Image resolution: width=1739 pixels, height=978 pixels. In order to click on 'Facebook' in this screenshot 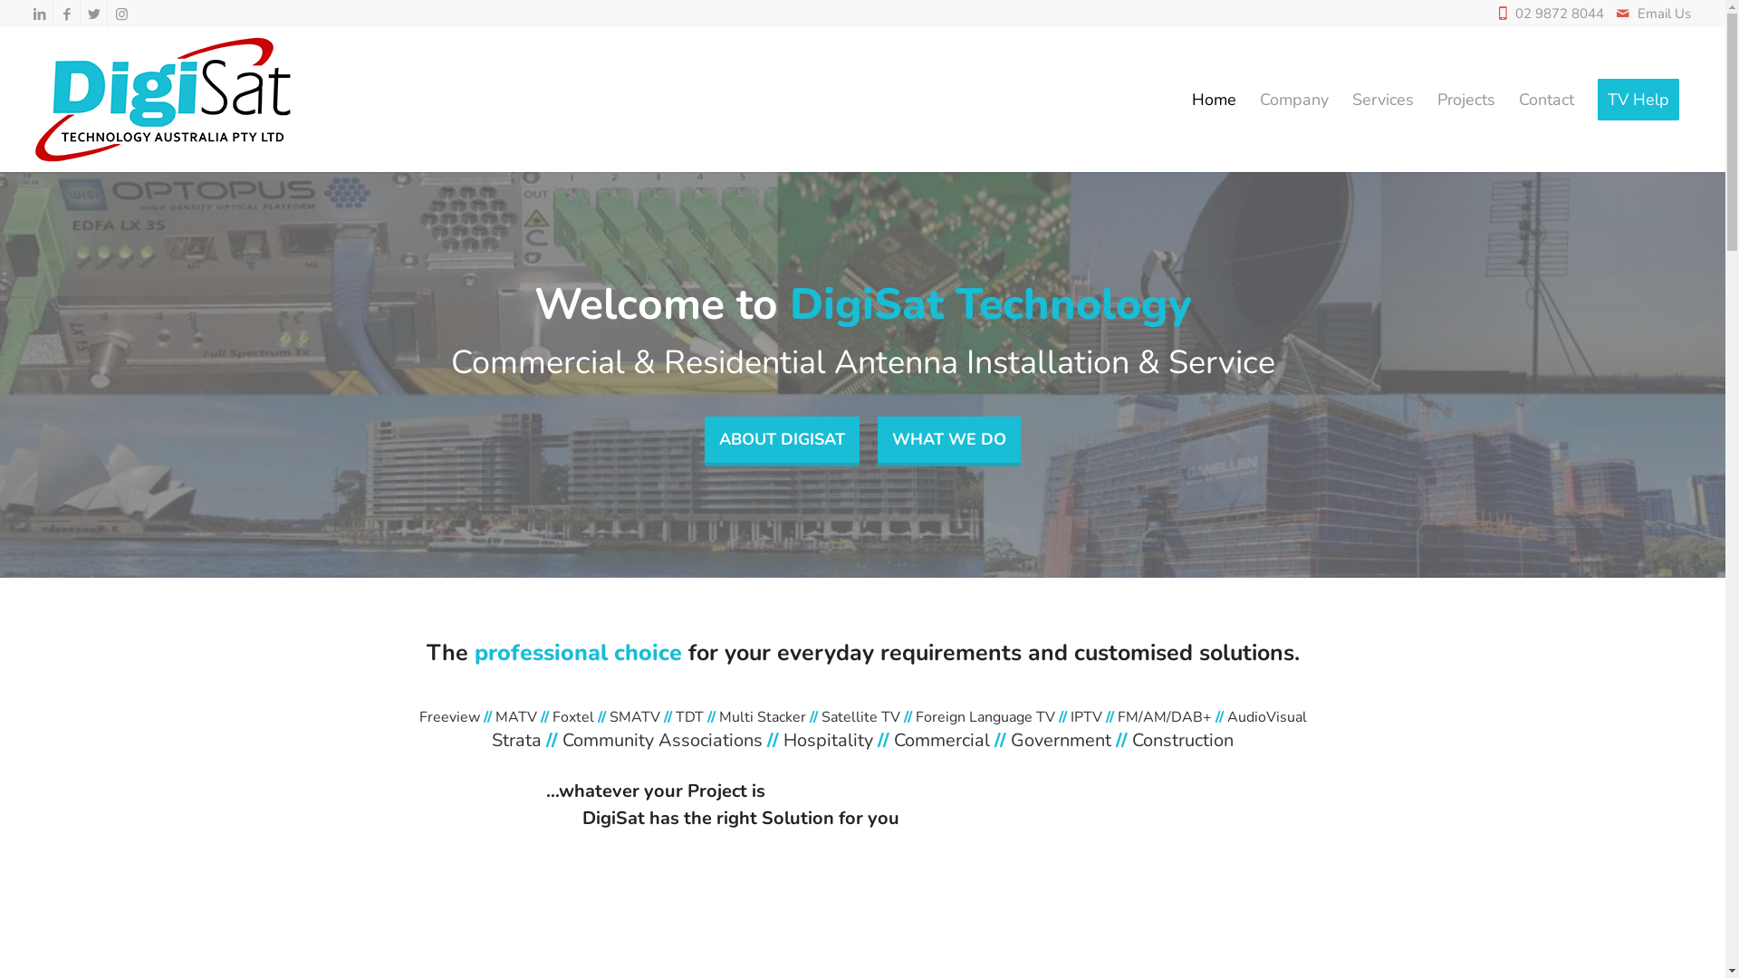, I will do `click(66, 14)`.